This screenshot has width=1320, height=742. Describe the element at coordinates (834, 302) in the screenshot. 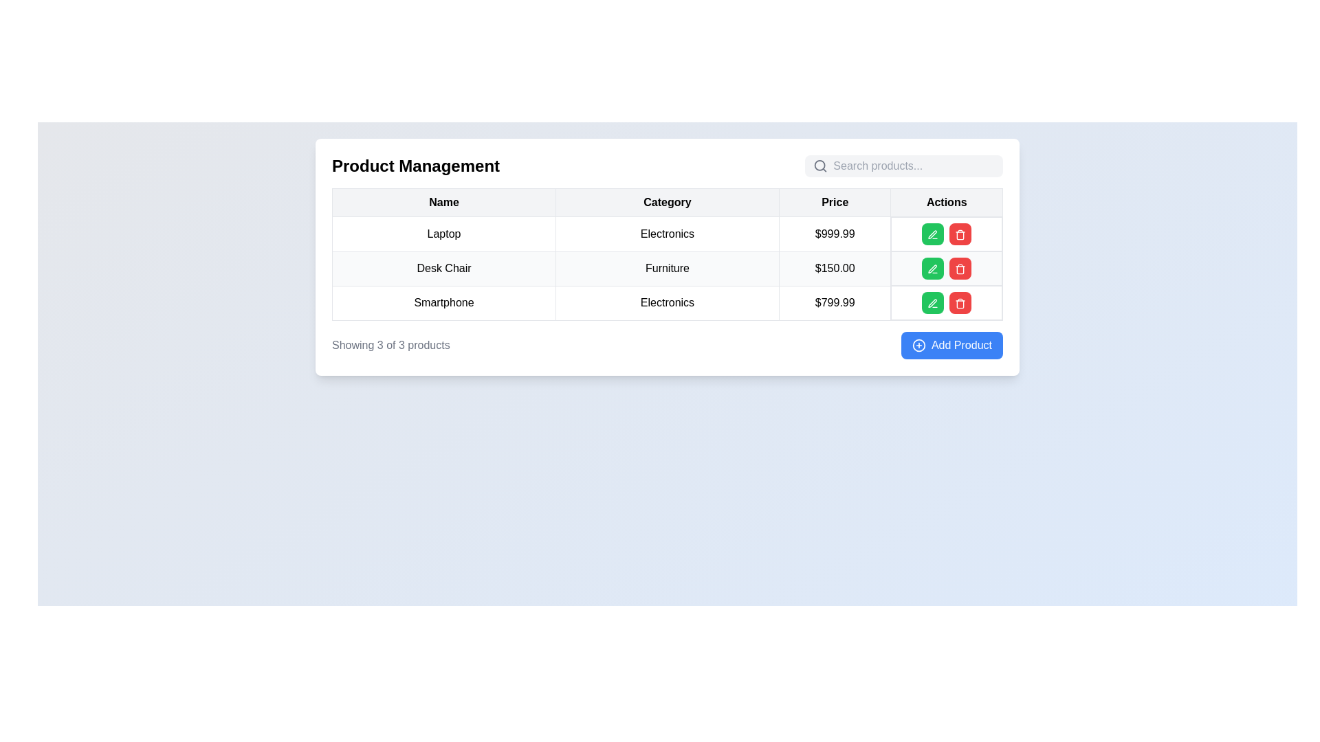

I see `the Static Text displaying the price "$799.99" located in the third row under the "Price" column of the table` at that location.